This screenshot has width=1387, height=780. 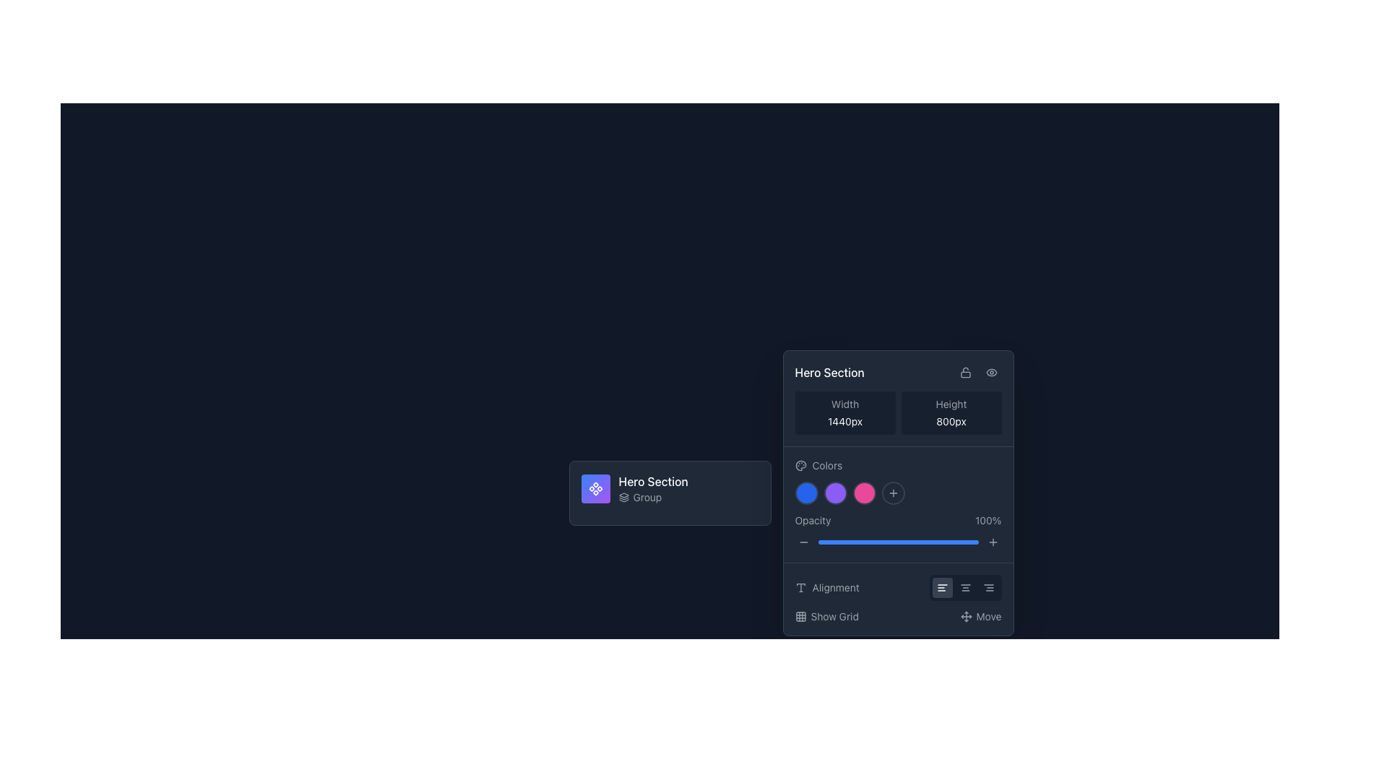 What do you see at coordinates (897, 399) in the screenshot?
I see `the Information display panel labeled 'Hero Section' which contains the 'Width' and 'Height' labels with their respective values '1440px' and '800px'` at bounding box center [897, 399].